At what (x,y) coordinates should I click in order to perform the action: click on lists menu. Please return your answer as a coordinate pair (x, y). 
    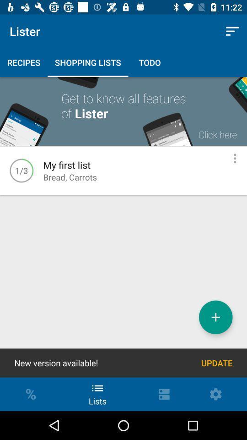
    Looking at the image, I should click on (235, 158).